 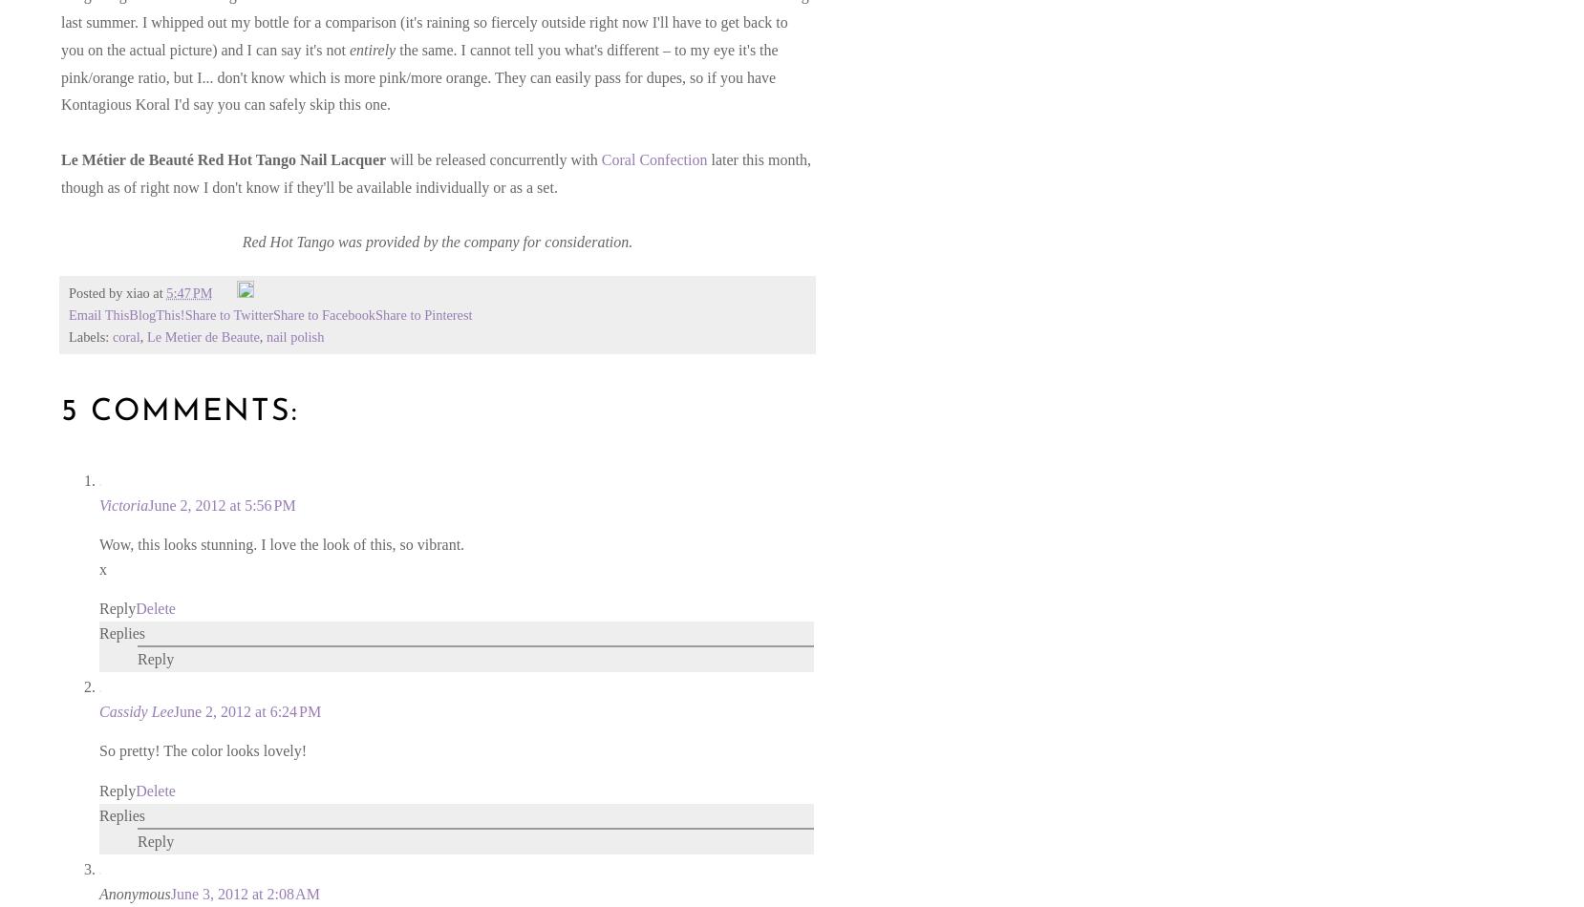 I want to click on '5:47 PM', so click(x=188, y=292).